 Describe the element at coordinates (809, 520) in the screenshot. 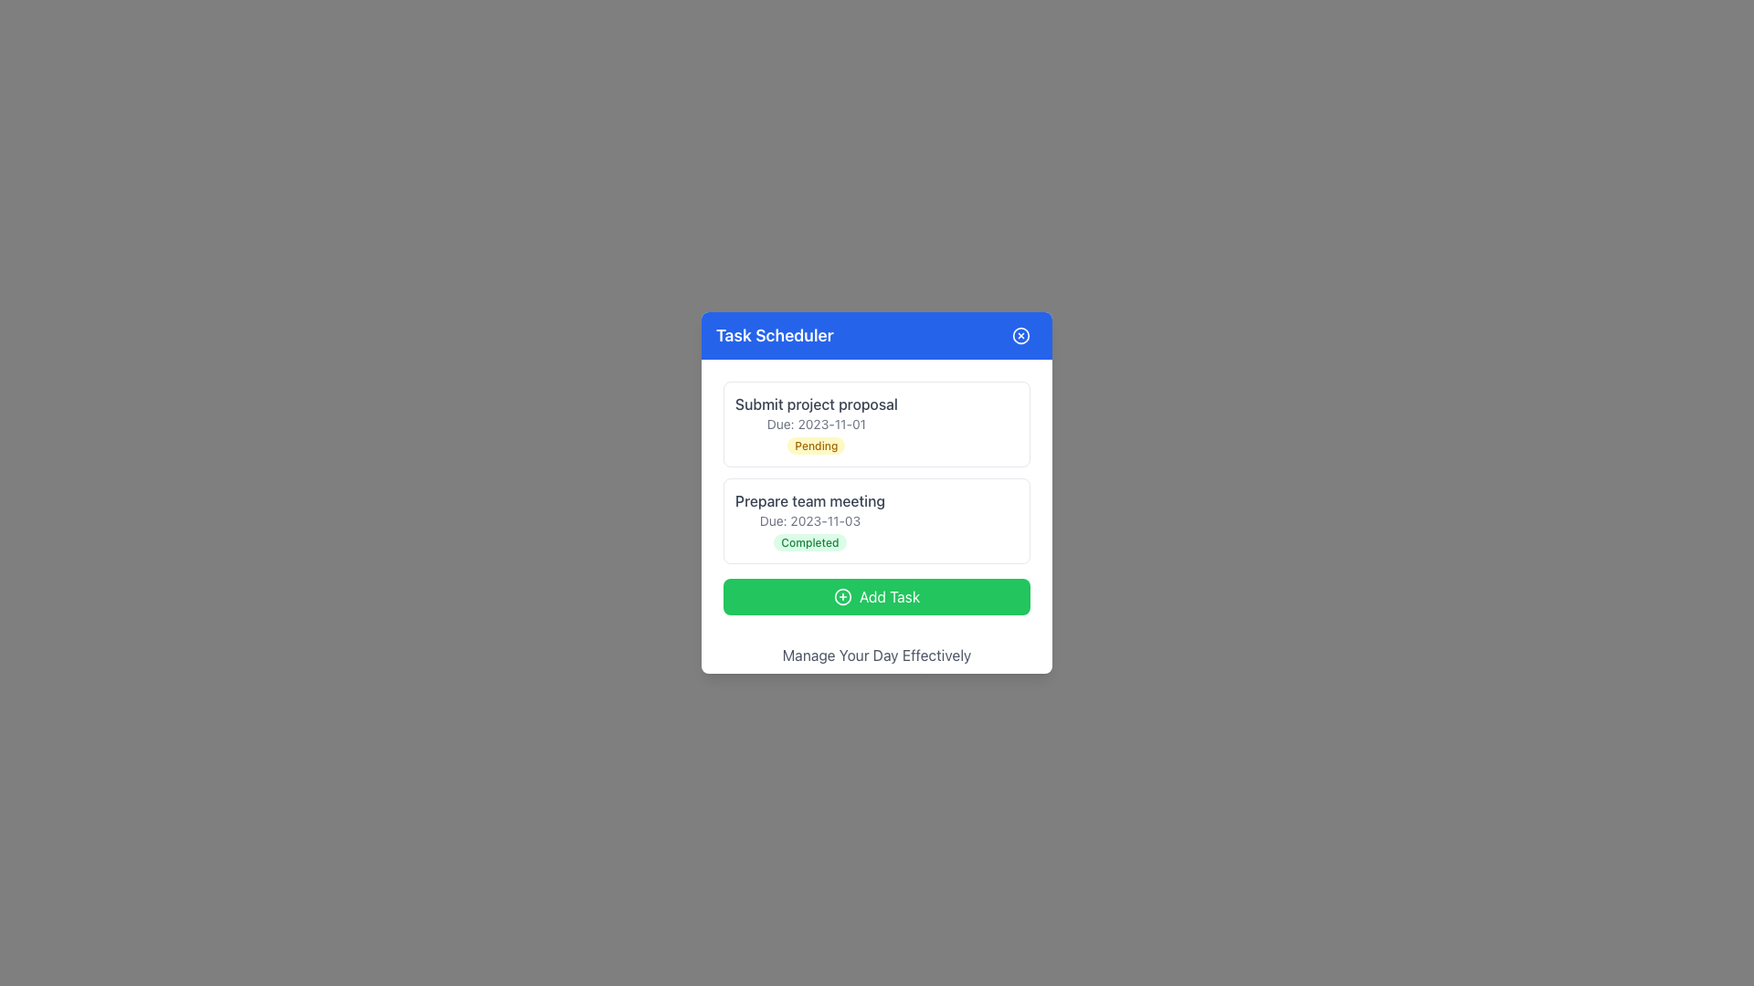

I see `the label displaying the due date 'Due: 2023-11-03', which is styled with small gray text and located below the 'Prepare team meeting' text and above the 'Completed' badge` at that location.